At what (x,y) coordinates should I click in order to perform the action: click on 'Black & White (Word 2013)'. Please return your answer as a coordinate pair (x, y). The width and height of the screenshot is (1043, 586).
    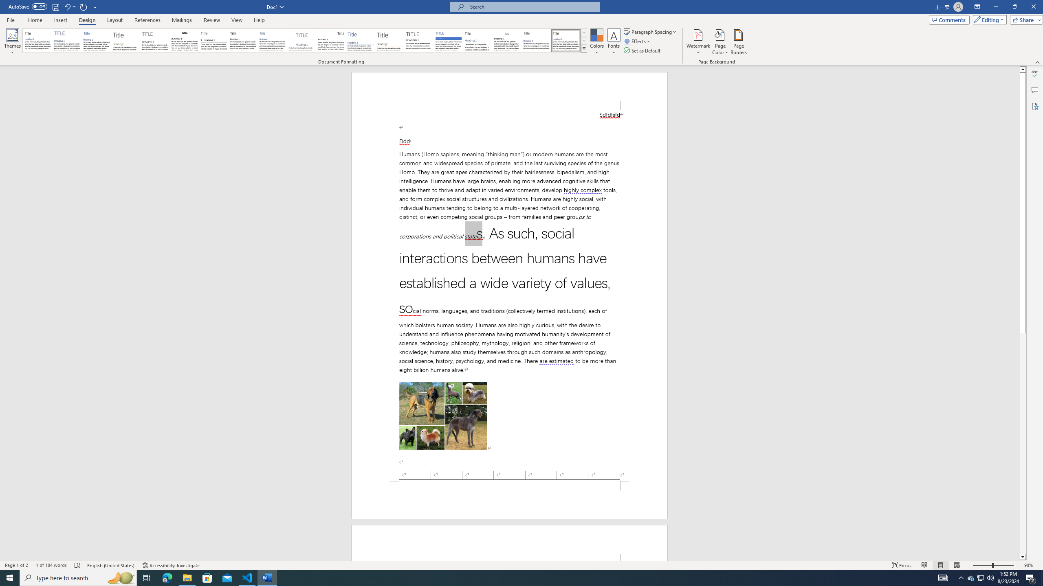
    Looking at the image, I should click on (242, 40).